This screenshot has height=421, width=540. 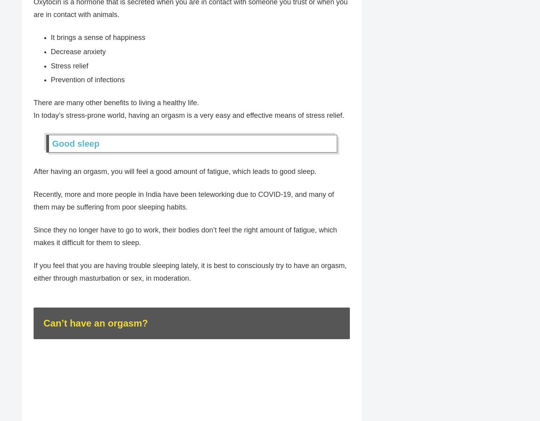 I want to click on 'Decrease anxiety', so click(x=50, y=51).